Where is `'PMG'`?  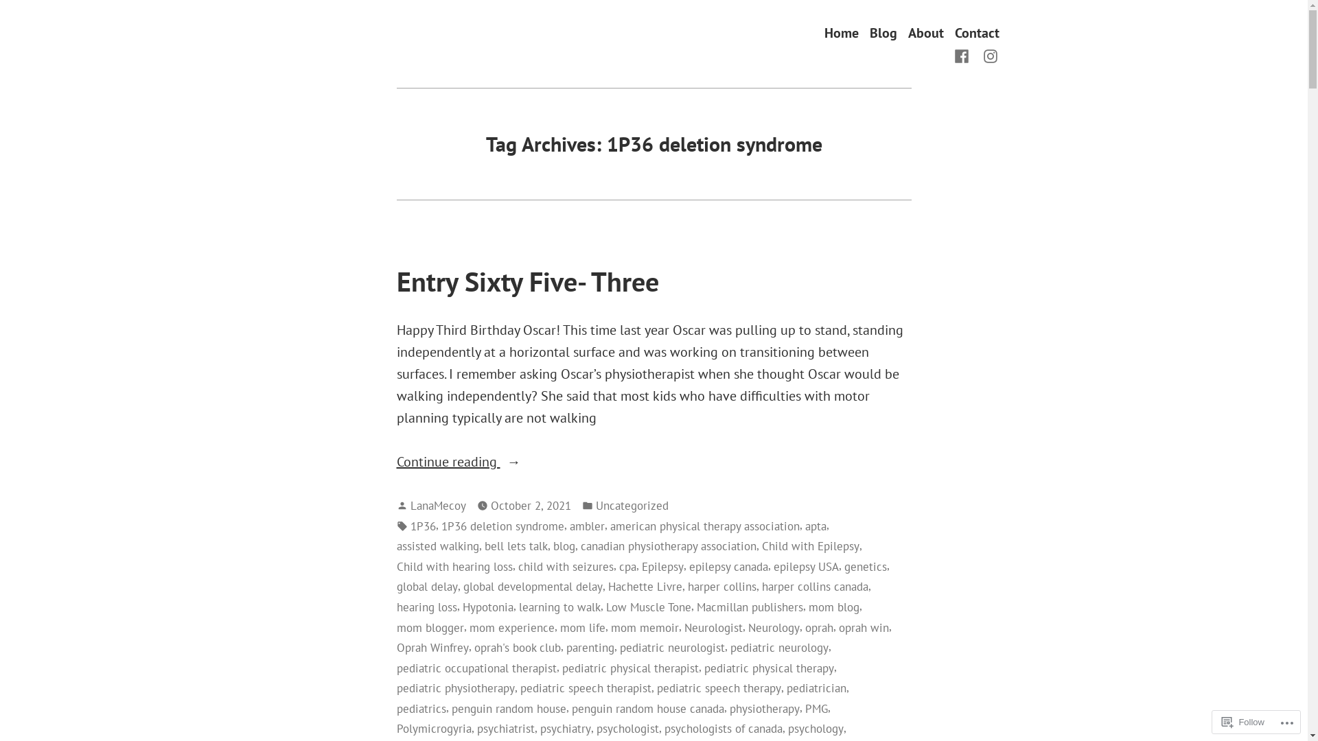
'PMG' is located at coordinates (816, 709).